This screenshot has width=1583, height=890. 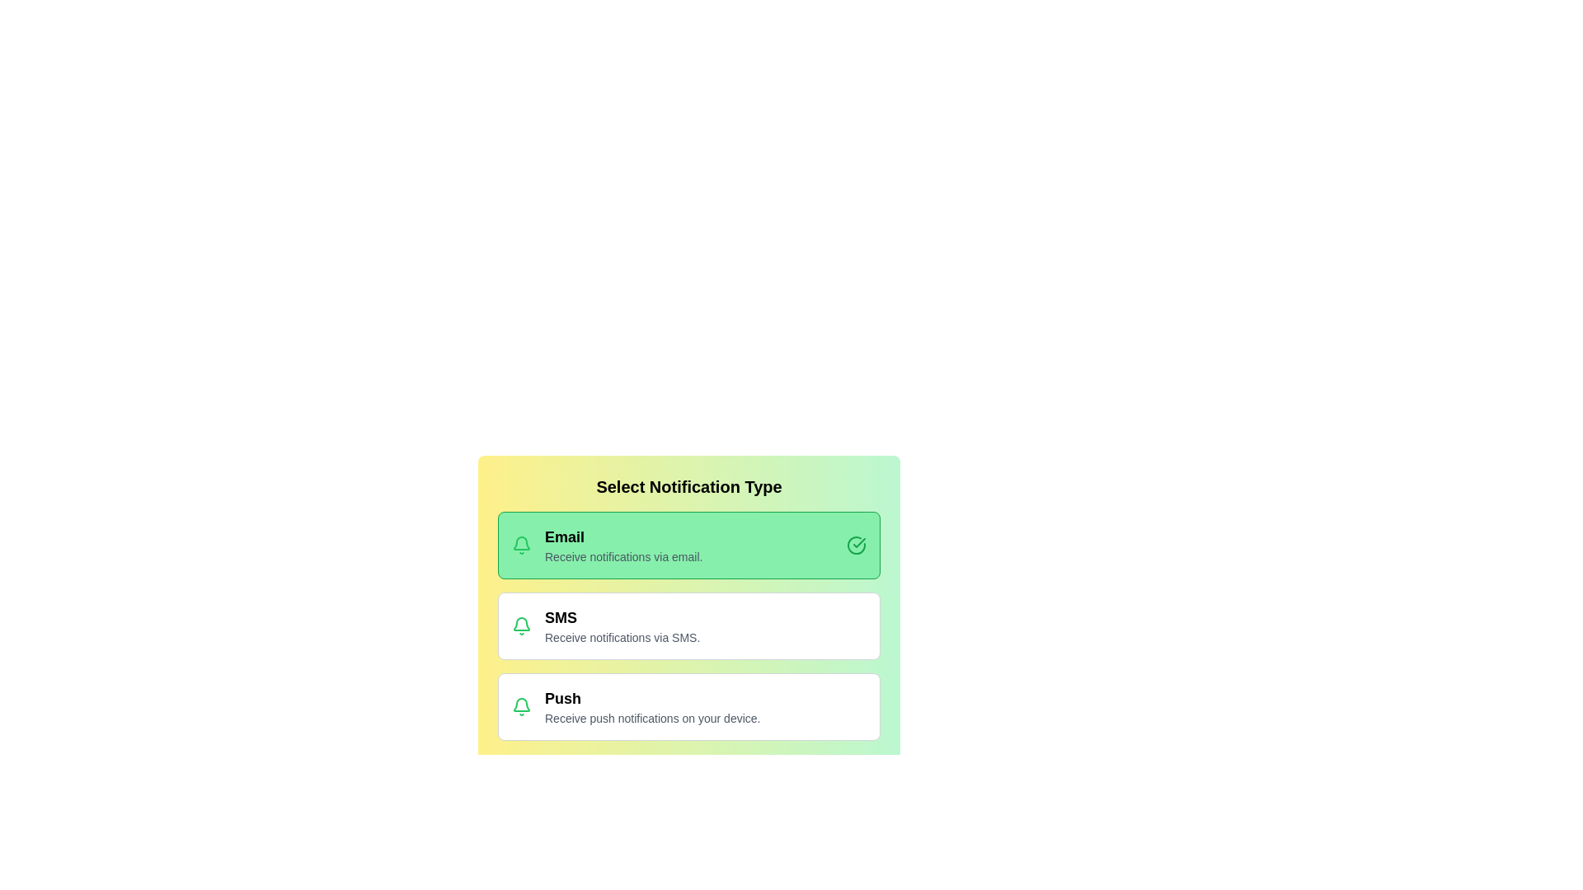 I want to click on the second interactive button card labeled 'SMS', so click(x=688, y=594).